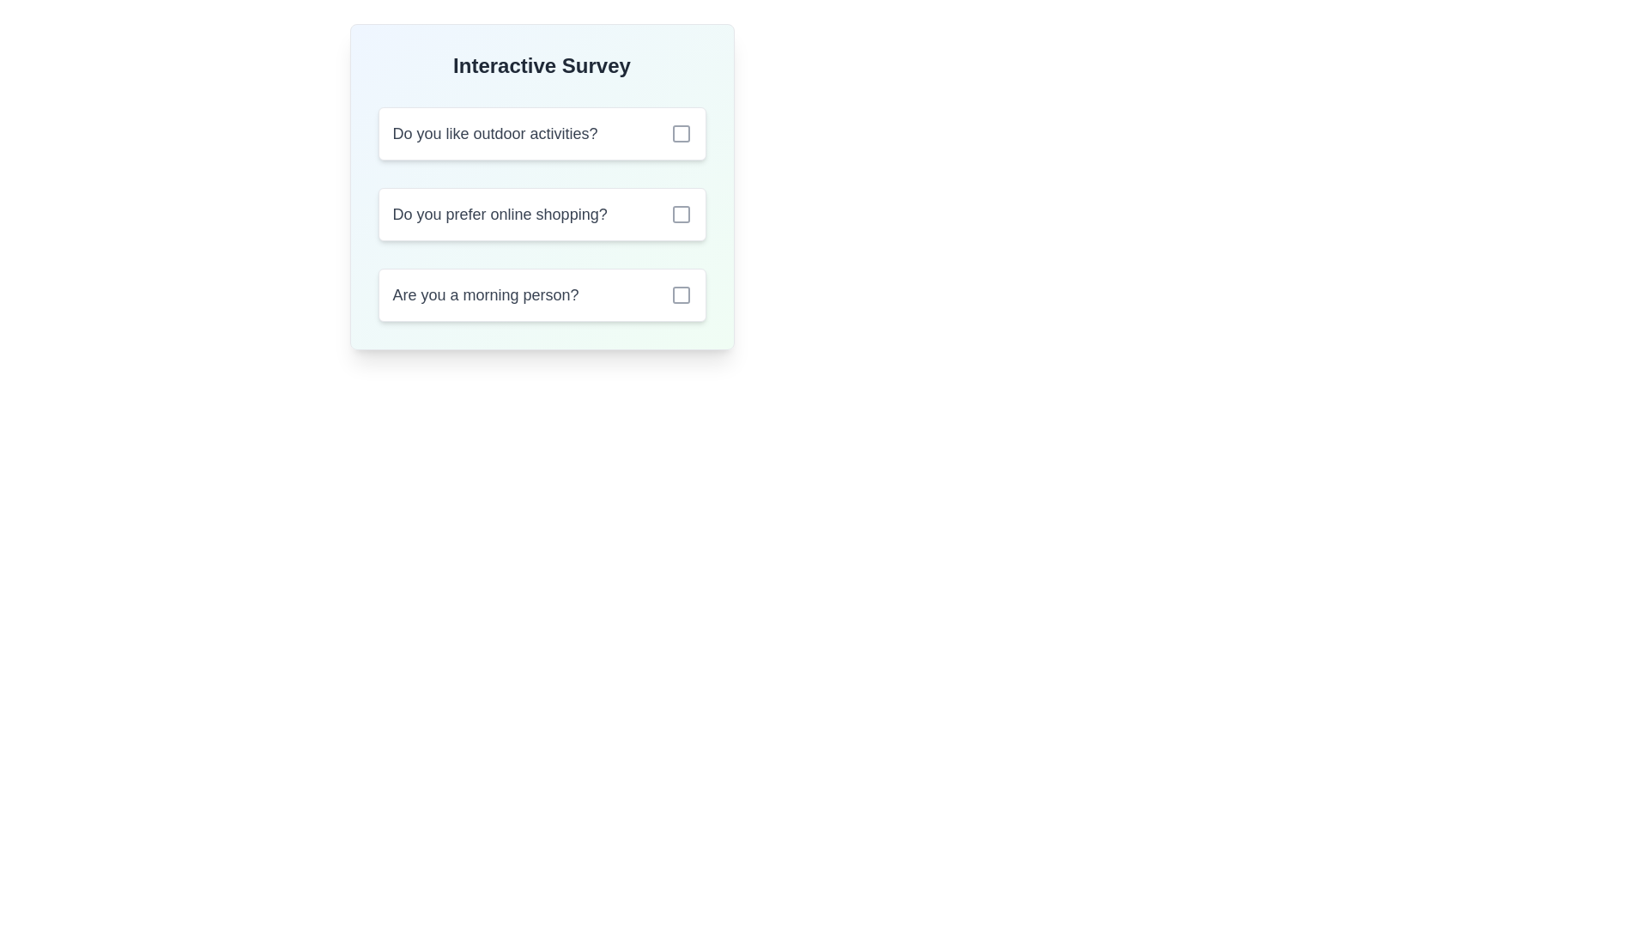 The image size is (1648, 927). I want to click on text of the second question in the survey, which is located between 'Do you like outdoor activities?' and 'Are you a morning person?', so click(499, 214).